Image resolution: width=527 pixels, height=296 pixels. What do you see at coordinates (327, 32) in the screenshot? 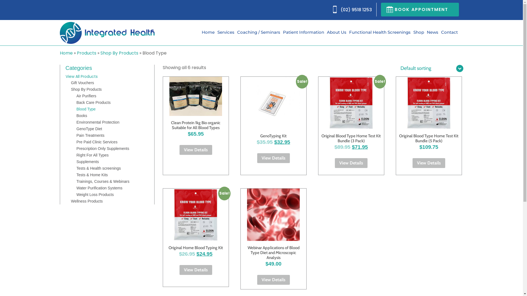
I see `'About Us'` at bounding box center [327, 32].